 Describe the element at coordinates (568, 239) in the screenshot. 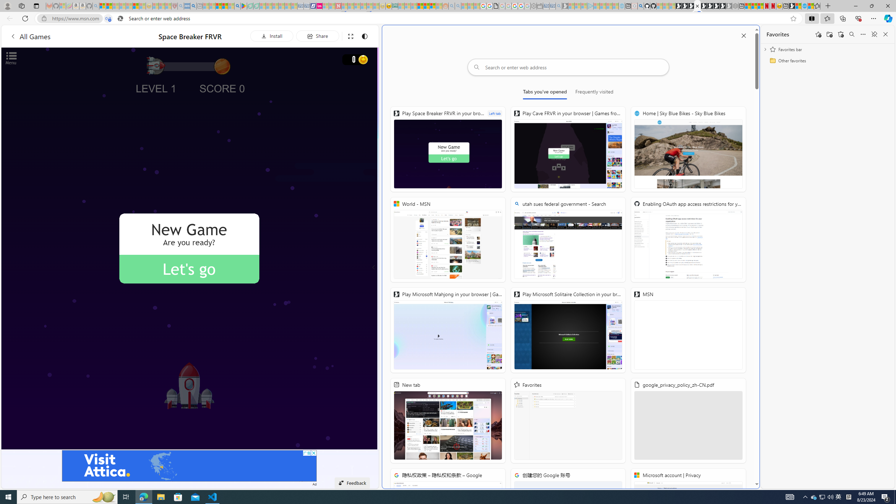

I see `'utah sues federal government - Search'` at that location.